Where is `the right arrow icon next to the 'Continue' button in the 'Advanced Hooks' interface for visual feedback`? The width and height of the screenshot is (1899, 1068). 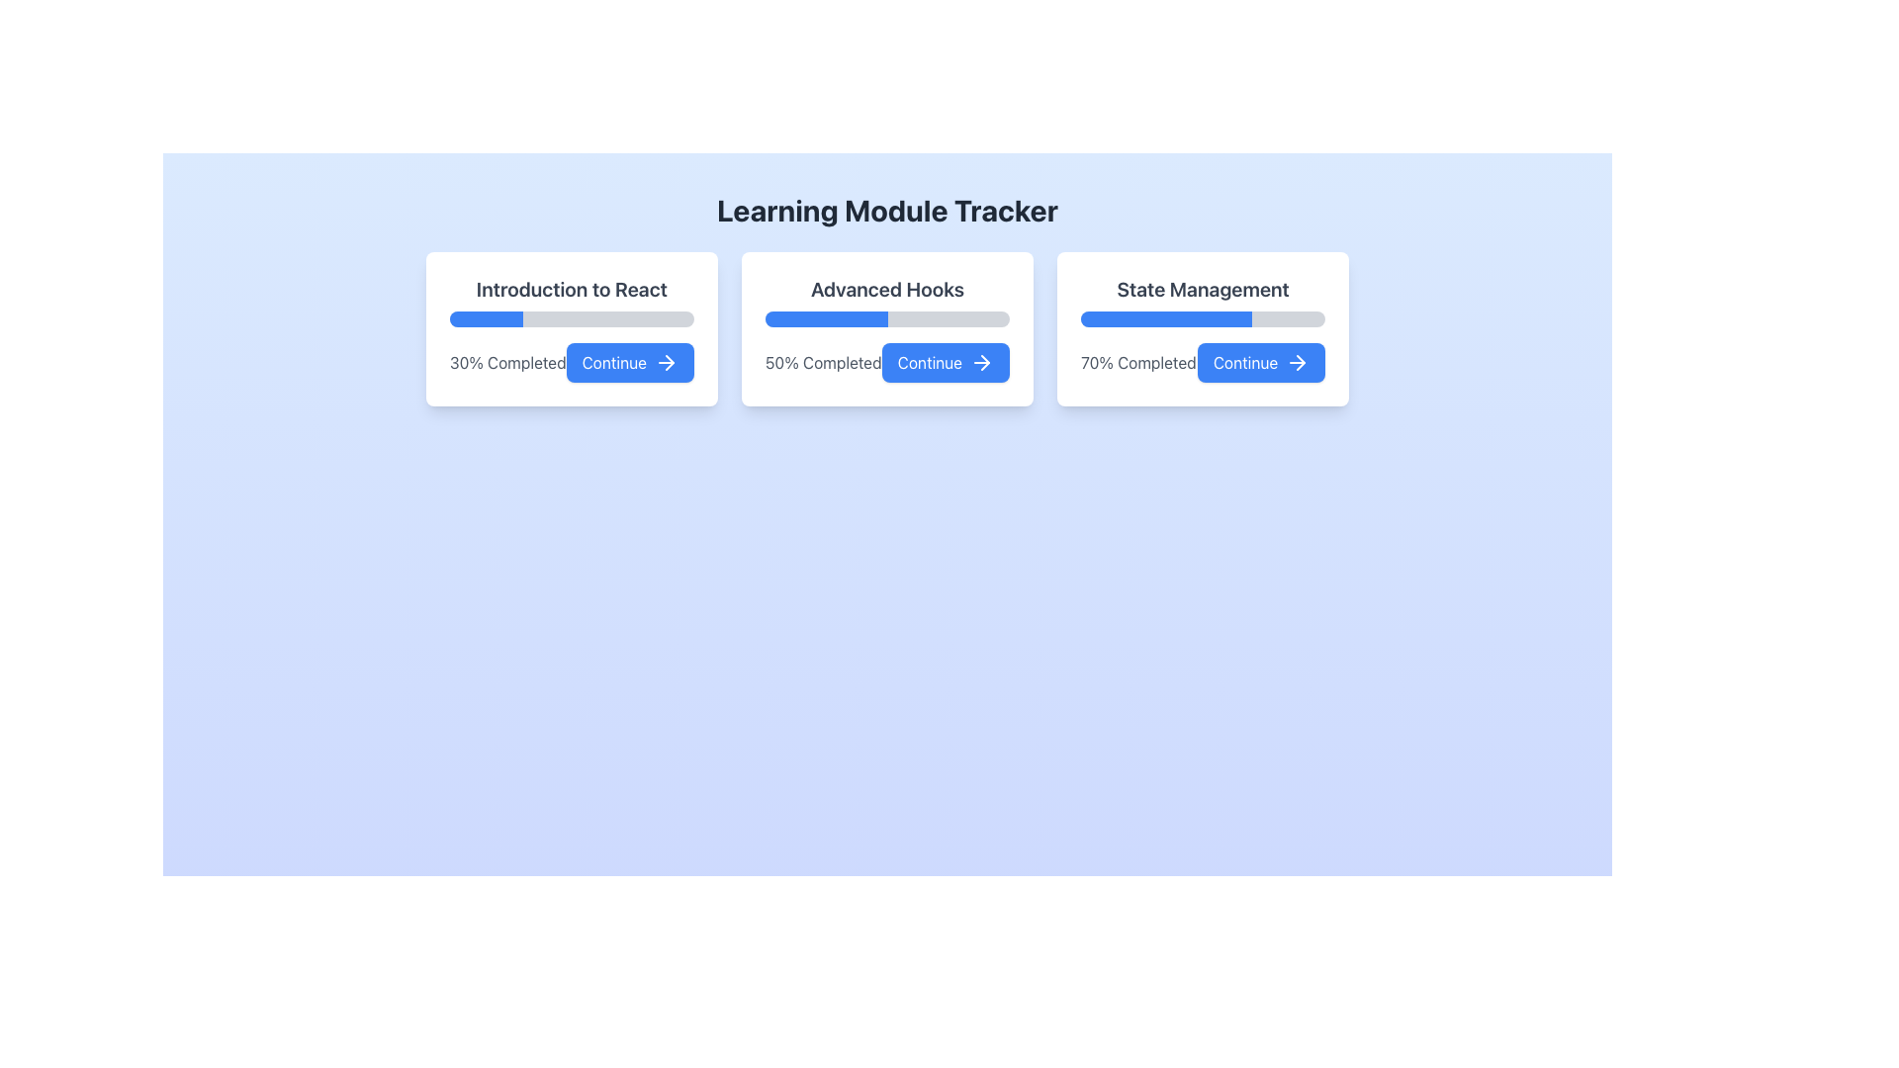
the right arrow icon next to the 'Continue' button in the 'Advanced Hooks' interface for visual feedback is located at coordinates (985, 362).